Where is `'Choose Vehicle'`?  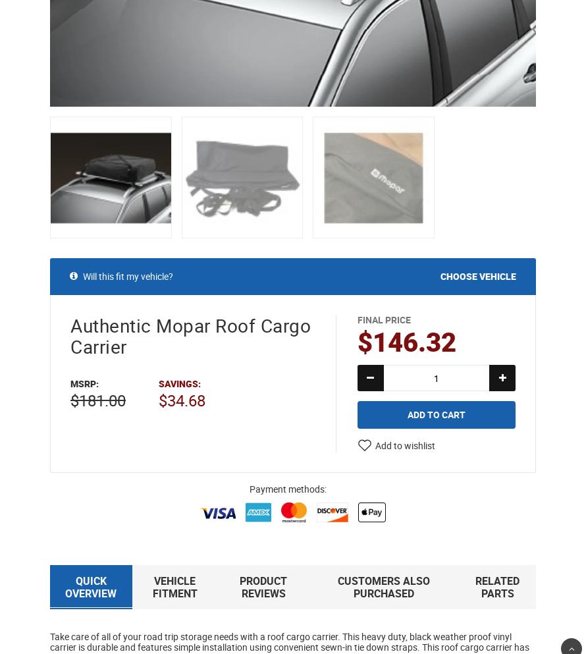 'Choose Vehicle' is located at coordinates (440, 275).